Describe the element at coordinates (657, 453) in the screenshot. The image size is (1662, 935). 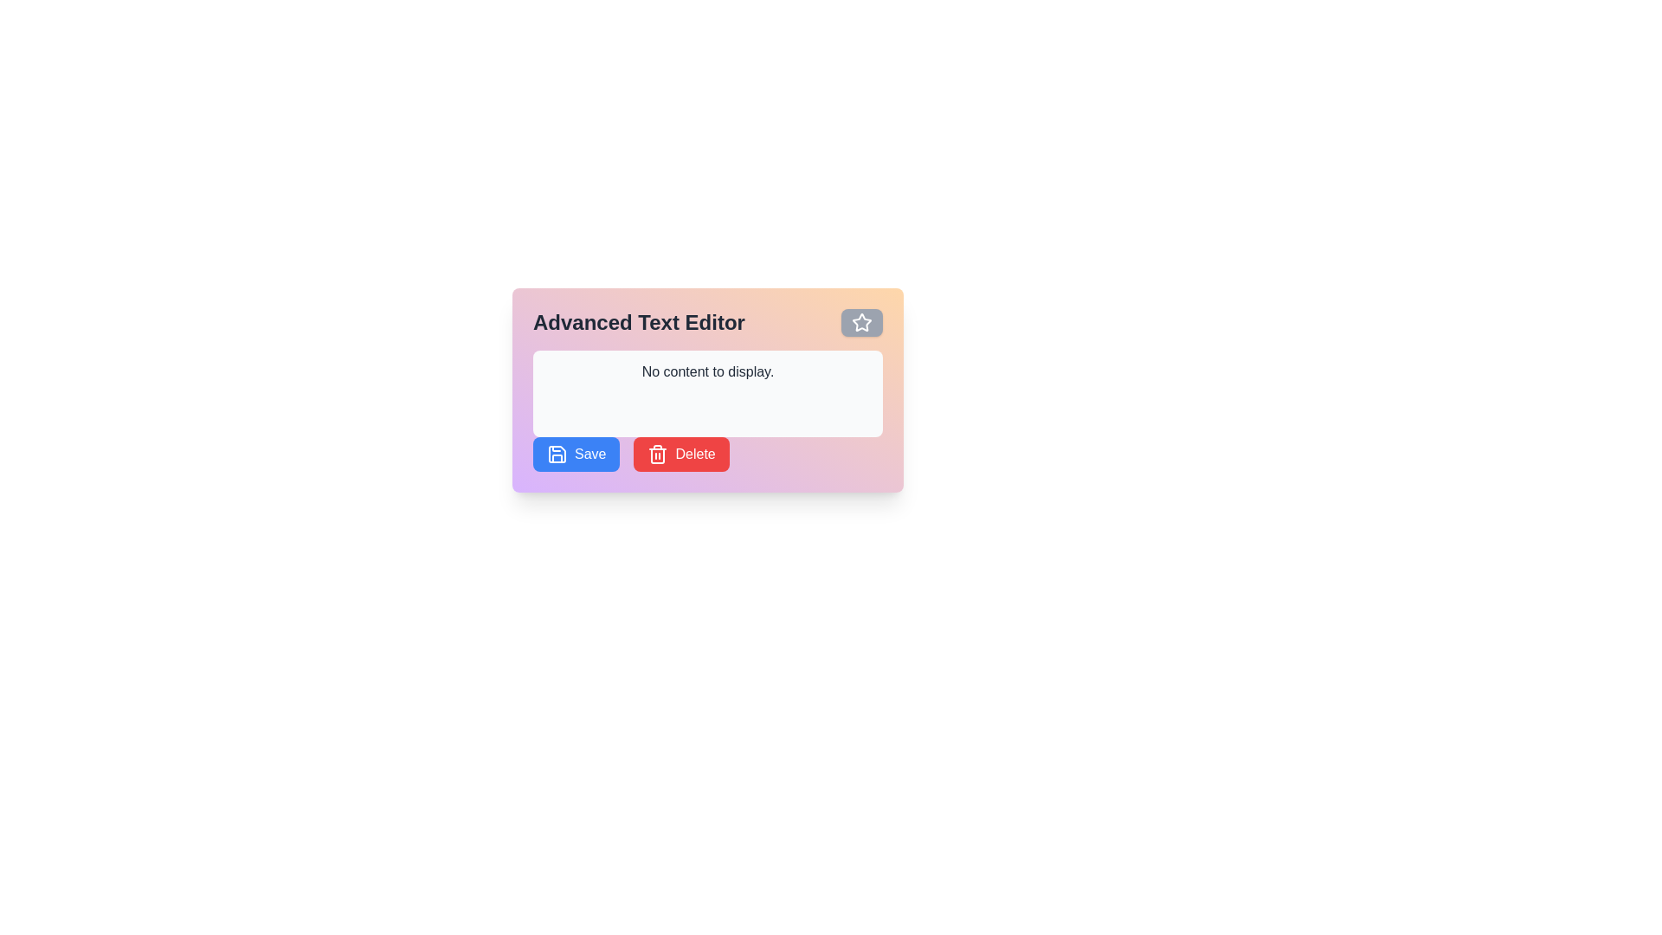
I see `the trash bin icon located within the 'Delete' button at the bottom right of the 'Advanced Text Editor' content card` at that location.